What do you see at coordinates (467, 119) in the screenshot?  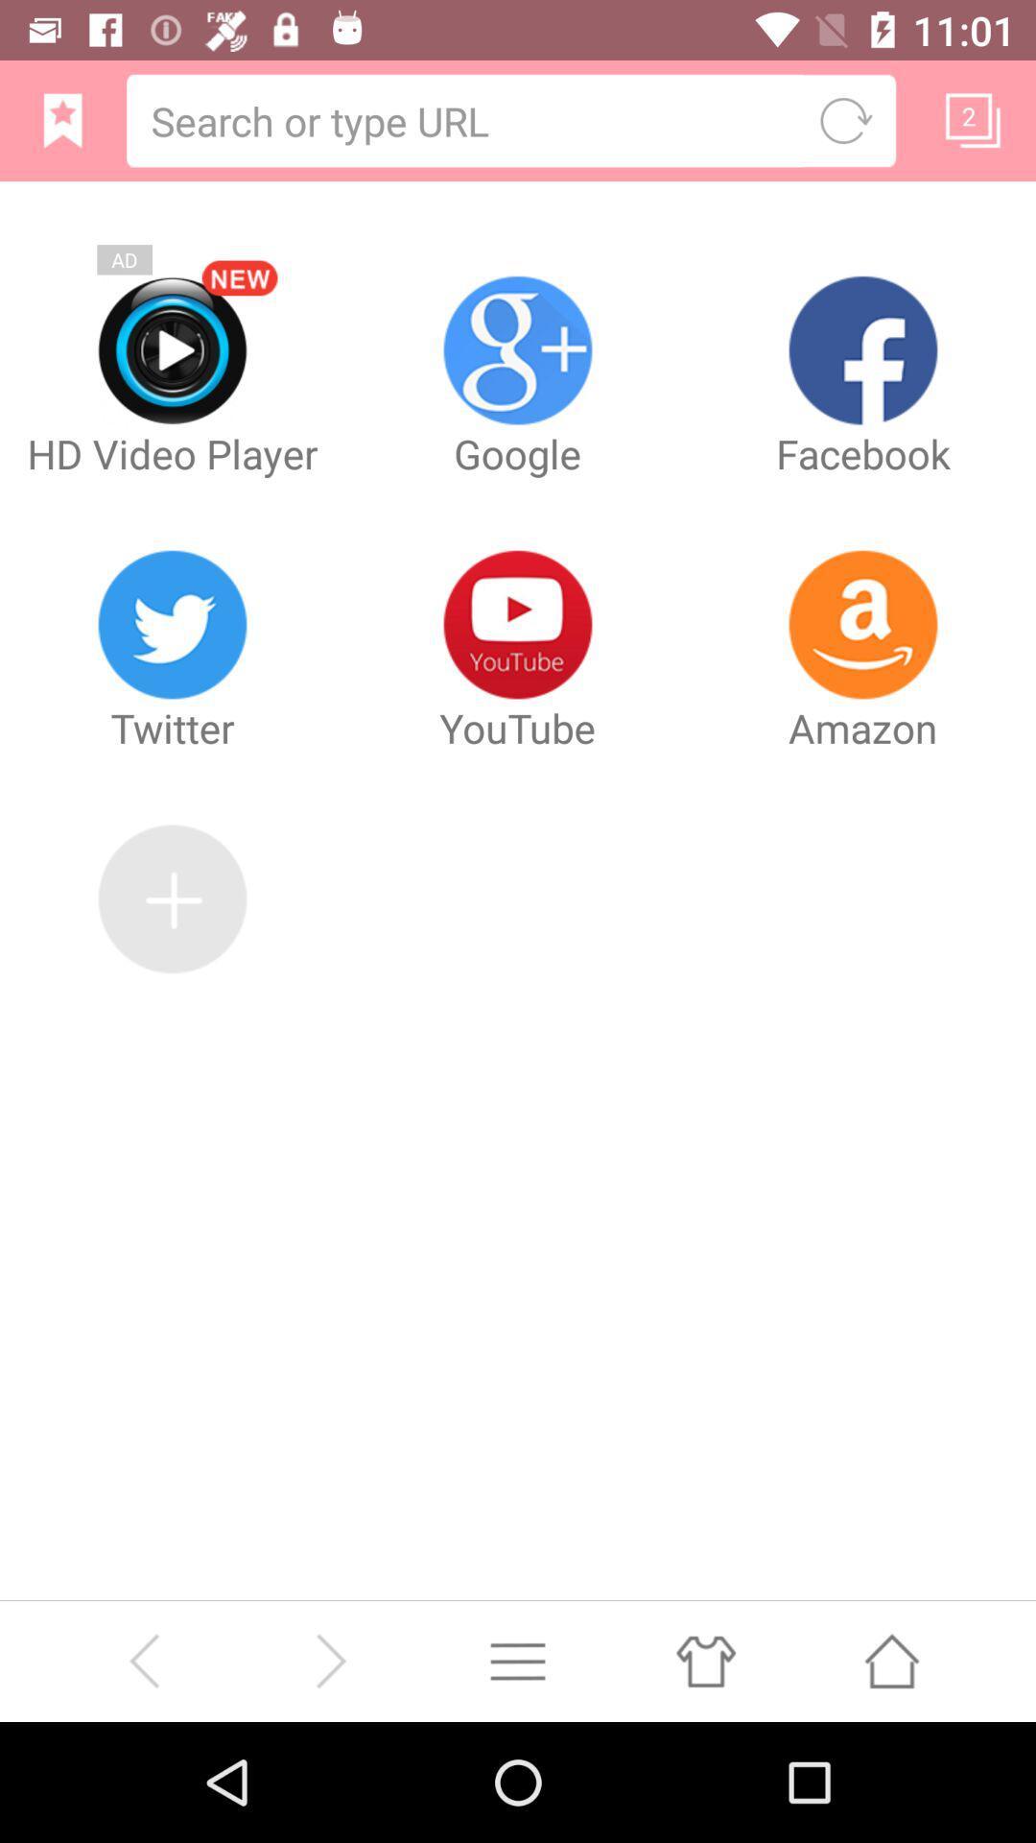 I see `search` at bounding box center [467, 119].